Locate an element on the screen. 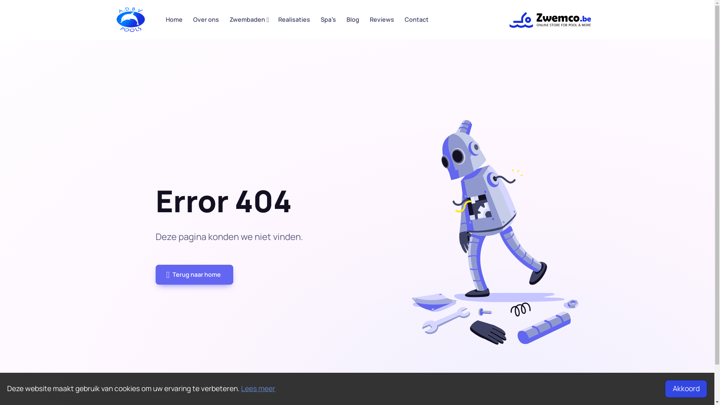 This screenshot has height=405, width=720. 'Over ons' is located at coordinates (205, 19).